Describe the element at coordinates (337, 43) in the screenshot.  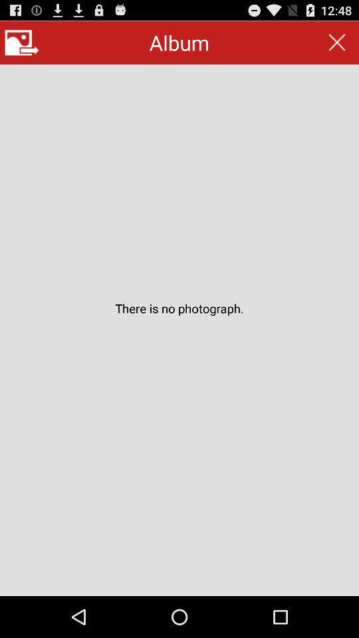
I see `item to the right of the album` at that location.